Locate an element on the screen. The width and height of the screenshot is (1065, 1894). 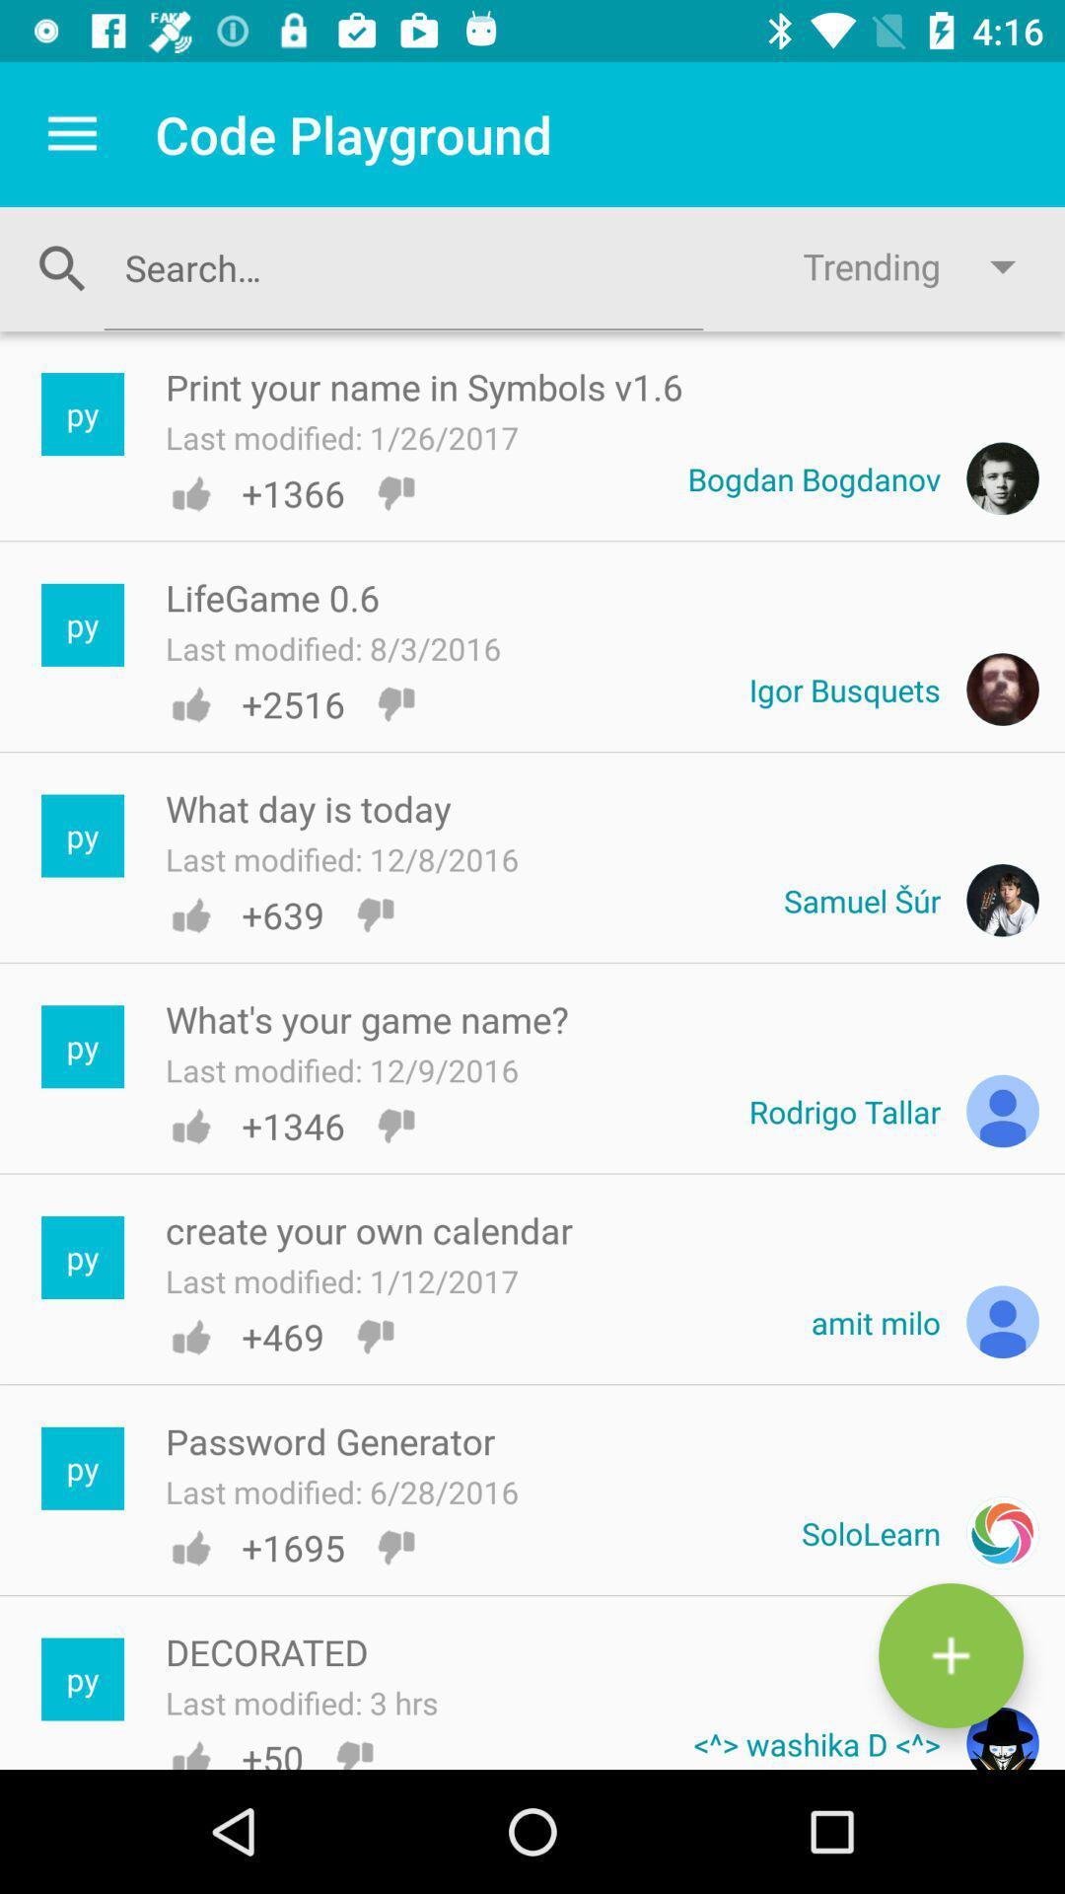
search words is located at coordinates (402, 266).